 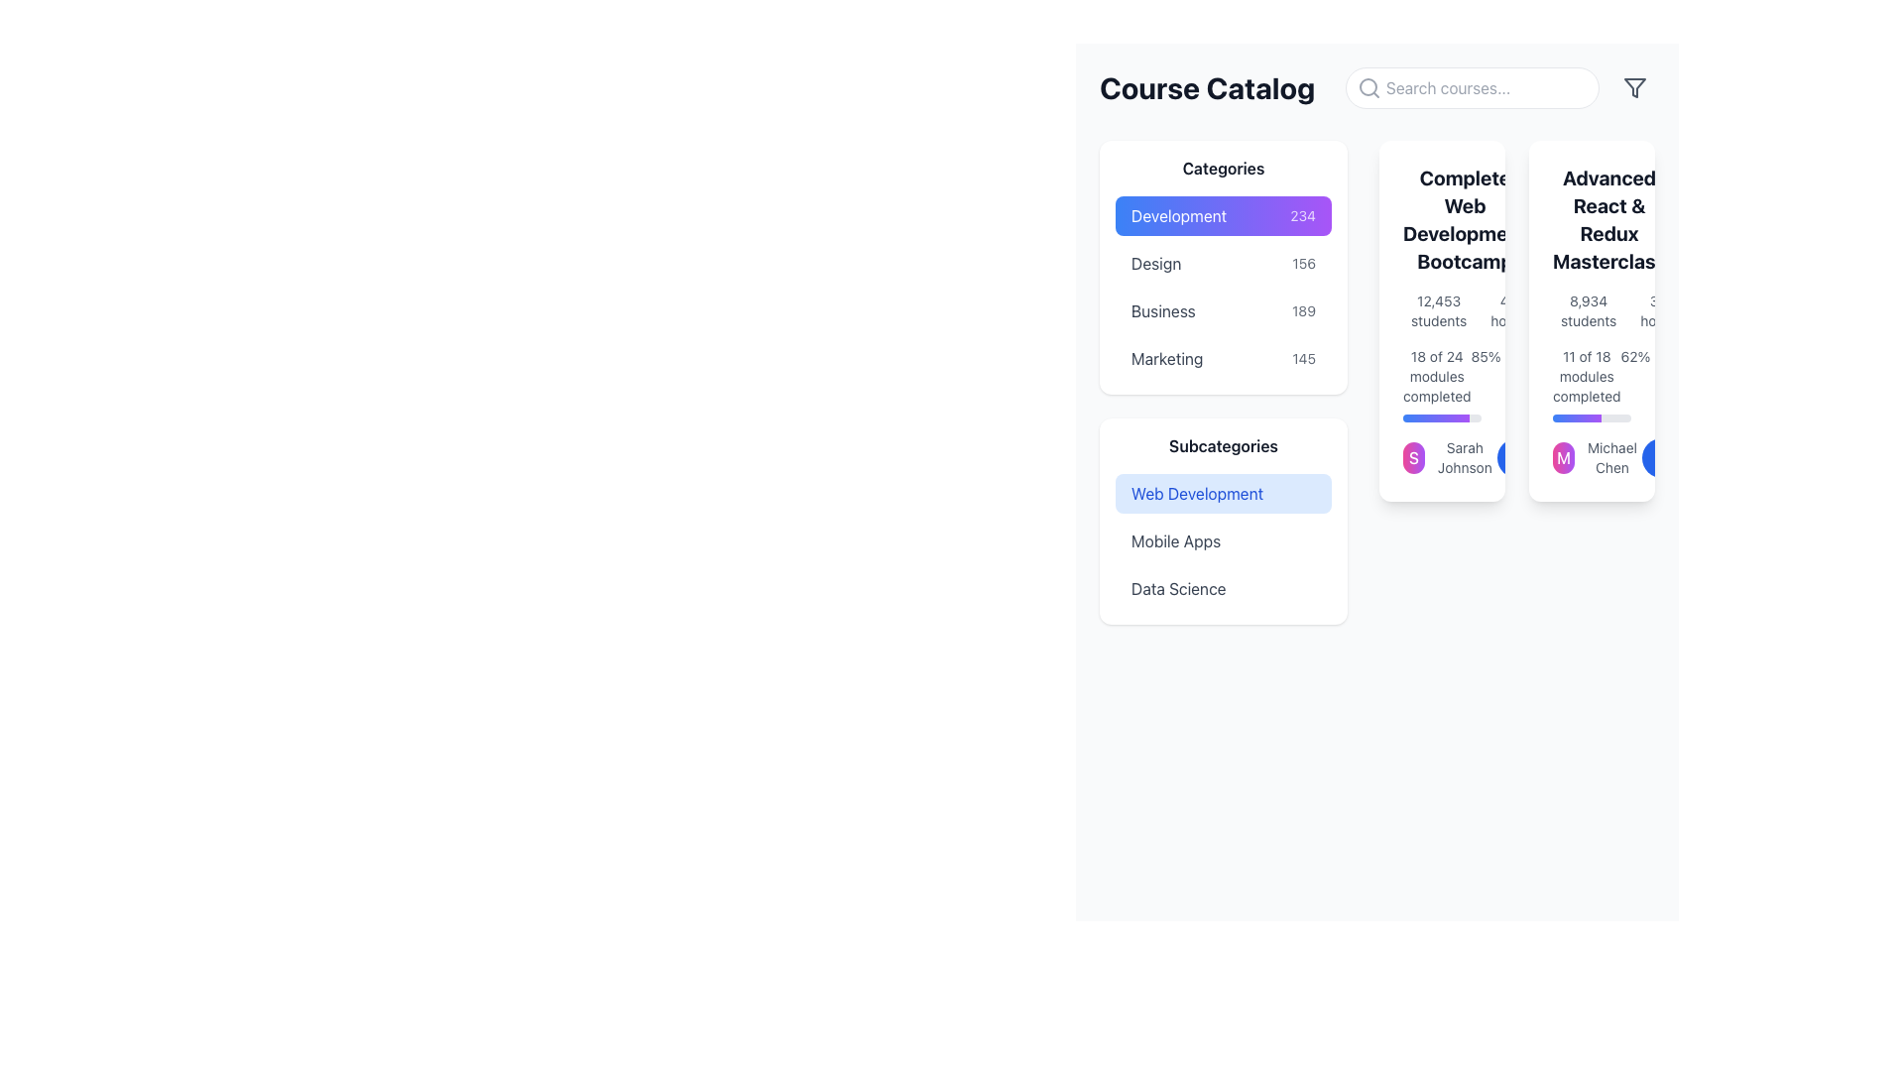 What do you see at coordinates (1635, 86) in the screenshot?
I see `the triangular filter icon located at the top-right corner of the interface, adjacent to the search bar` at bounding box center [1635, 86].